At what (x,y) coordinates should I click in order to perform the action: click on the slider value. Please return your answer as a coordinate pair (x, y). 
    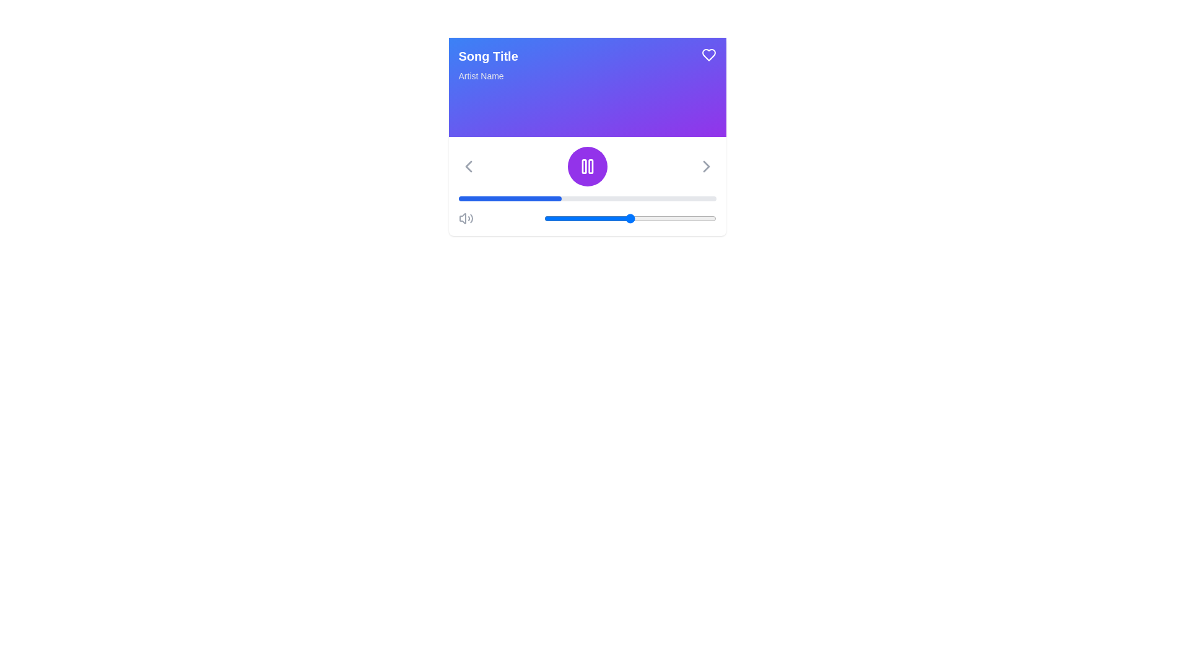
    Looking at the image, I should click on (620, 218).